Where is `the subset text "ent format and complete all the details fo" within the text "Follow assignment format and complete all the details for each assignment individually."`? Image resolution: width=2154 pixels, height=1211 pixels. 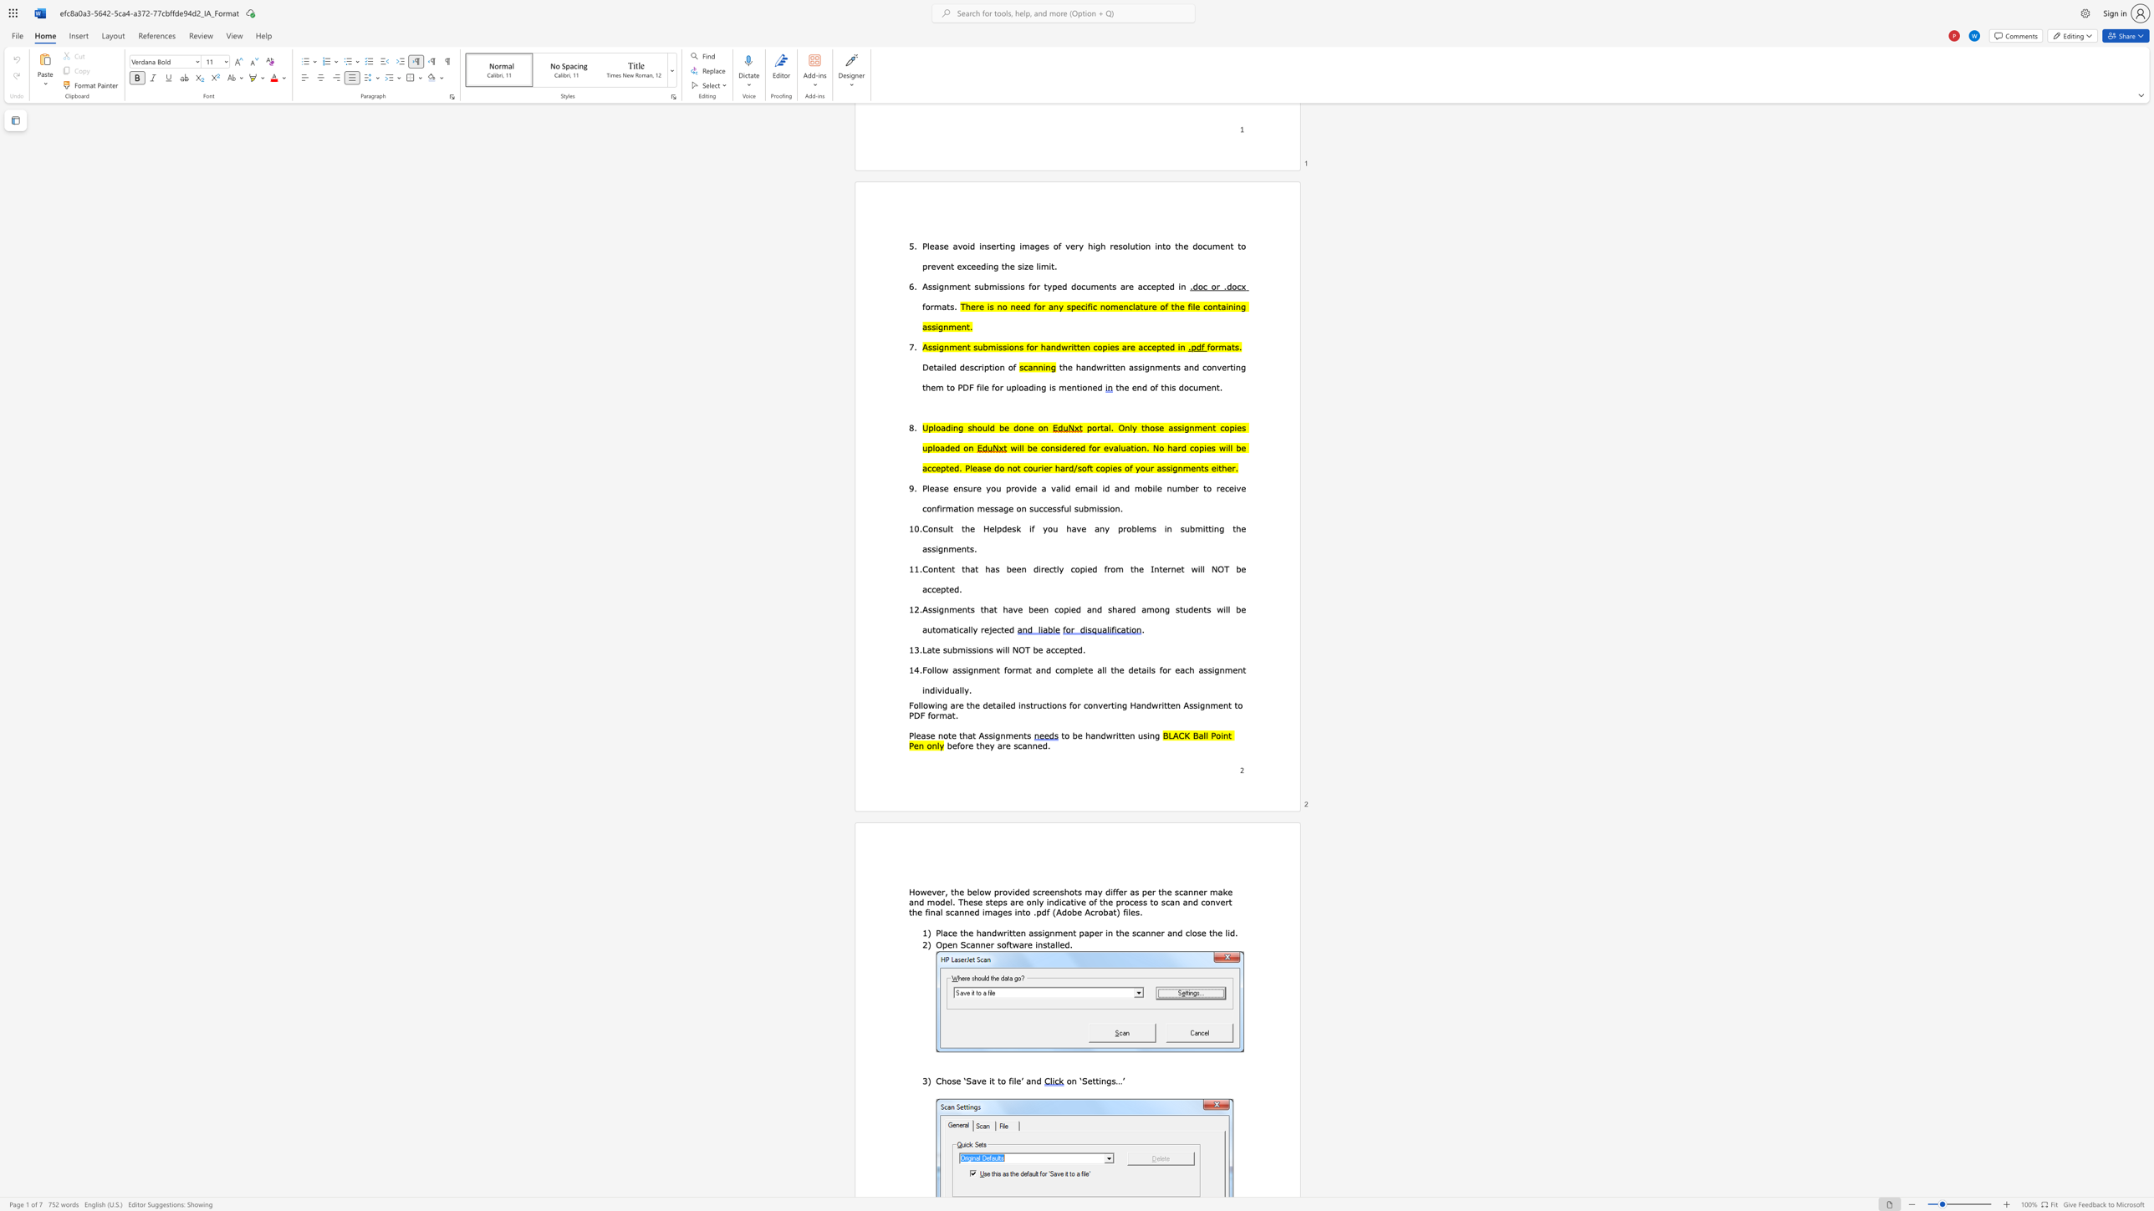
the subset text "ent format and complete all the details fo" within the text "Follow assignment format and complete all the details for each assignment individually." is located at coordinates (986, 669).